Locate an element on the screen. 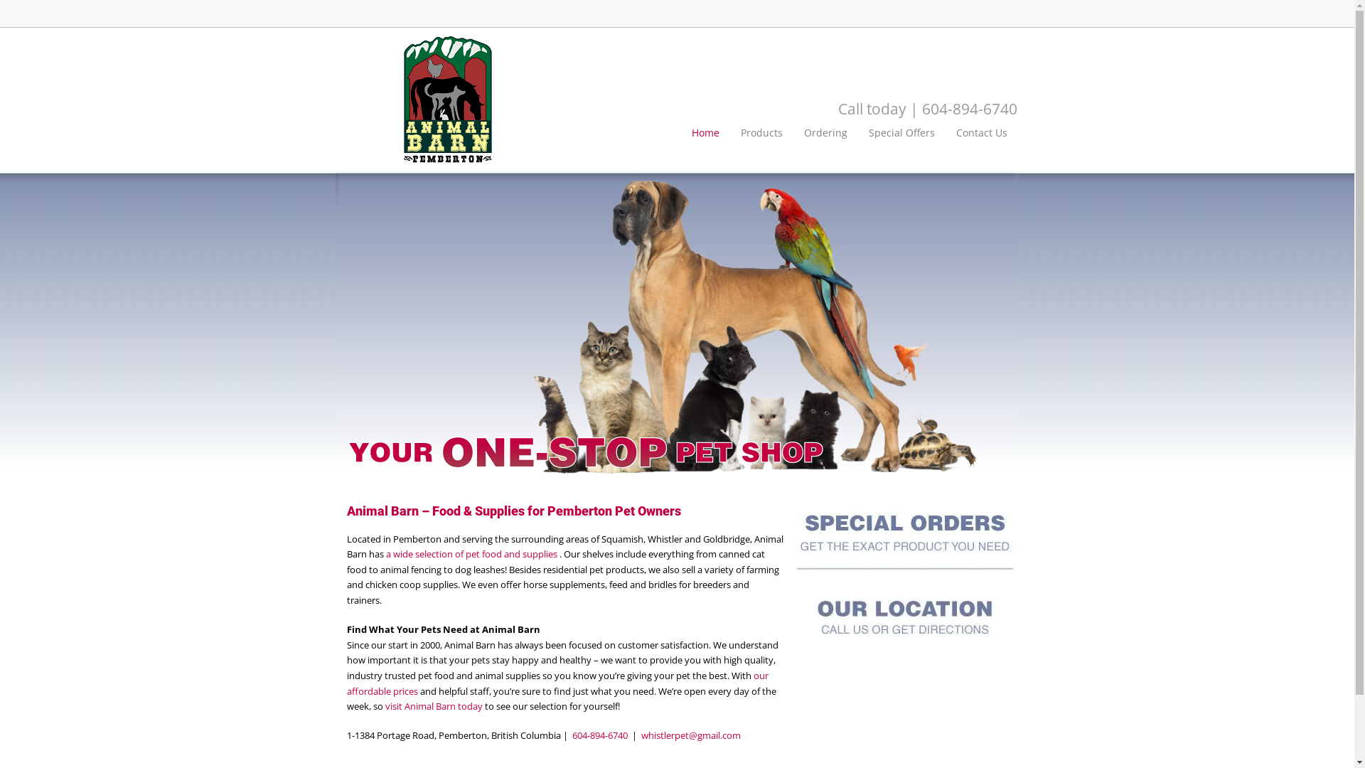  'Contact Us' is located at coordinates (981, 132).